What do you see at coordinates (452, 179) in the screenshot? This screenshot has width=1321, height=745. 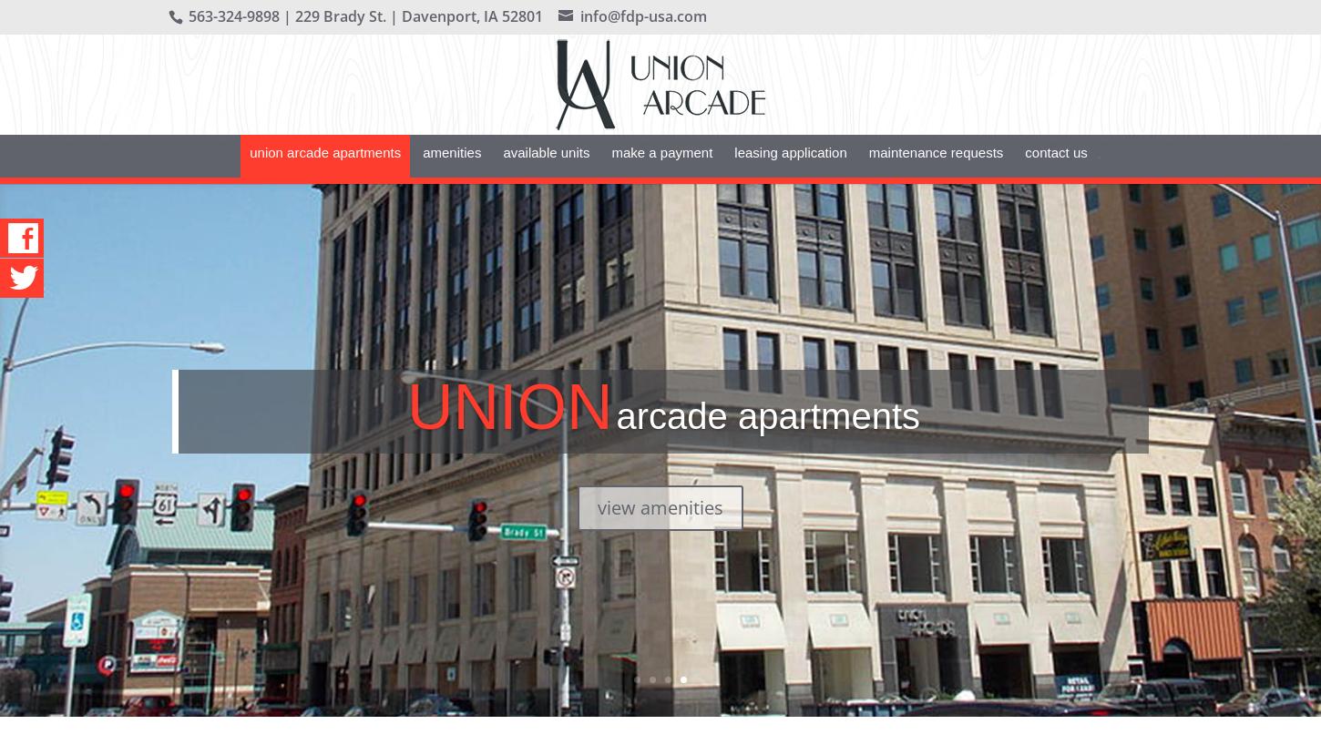 I see `'Amenities'` at bounding box center [452, 179].